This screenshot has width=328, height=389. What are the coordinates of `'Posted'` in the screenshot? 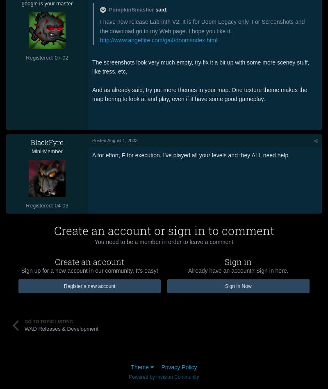 It's located at (99, 140).